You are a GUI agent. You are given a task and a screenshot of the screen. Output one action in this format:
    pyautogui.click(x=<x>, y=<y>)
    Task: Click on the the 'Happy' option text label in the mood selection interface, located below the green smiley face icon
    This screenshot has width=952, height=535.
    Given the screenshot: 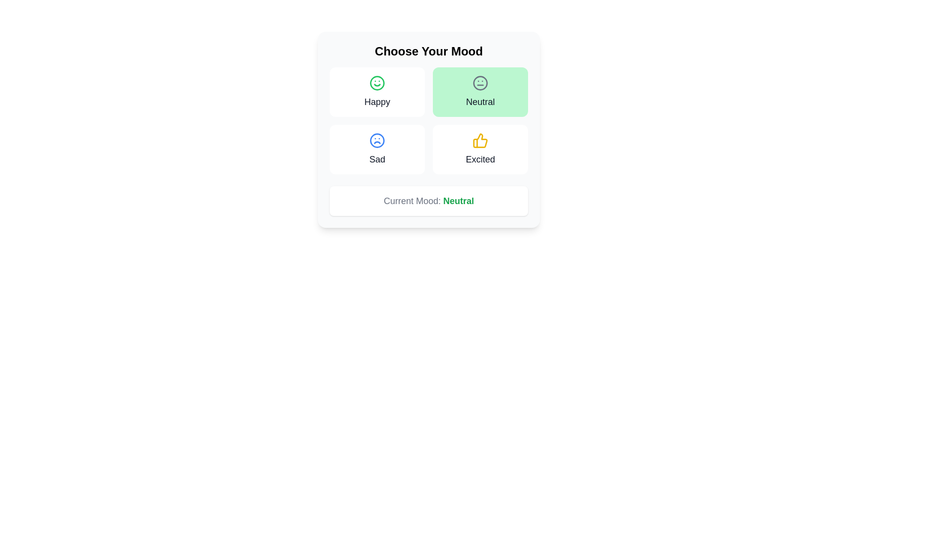 What is the action you would take?
    pyautogui.click(x=377, y=102)
    